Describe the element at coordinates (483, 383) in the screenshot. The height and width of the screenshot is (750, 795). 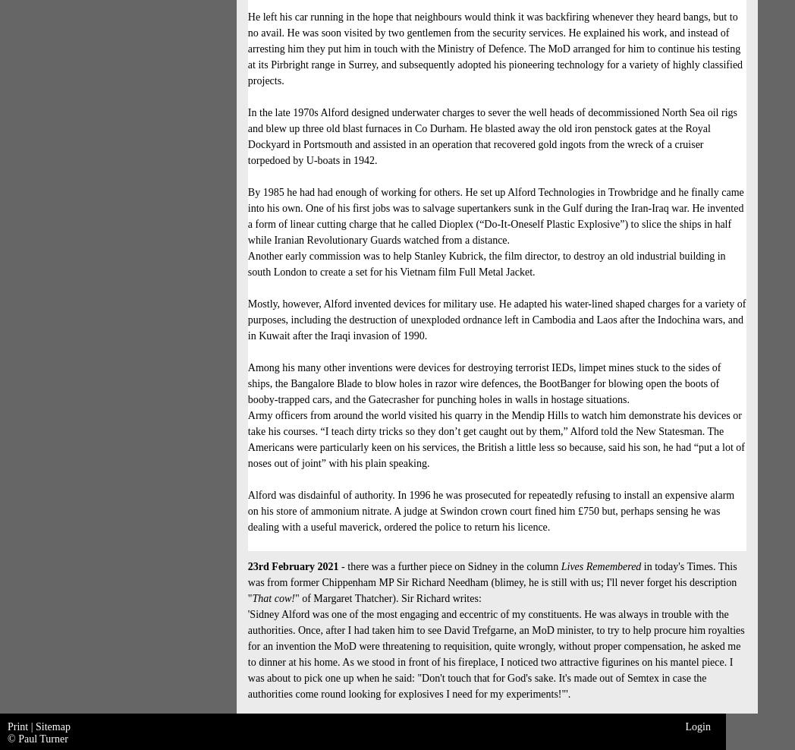
I see `'Among his many other inventions were devices
for destroying terrorist IEDs, limpet mines stuck to the sides of ships, the Bangalore Blade to blow holes in razor wire defences, the BootBanger for blowing open the boots of booby-trapped cars, and
the Gatecrasher for punching holes in walls in hostage situations.'` at that location.